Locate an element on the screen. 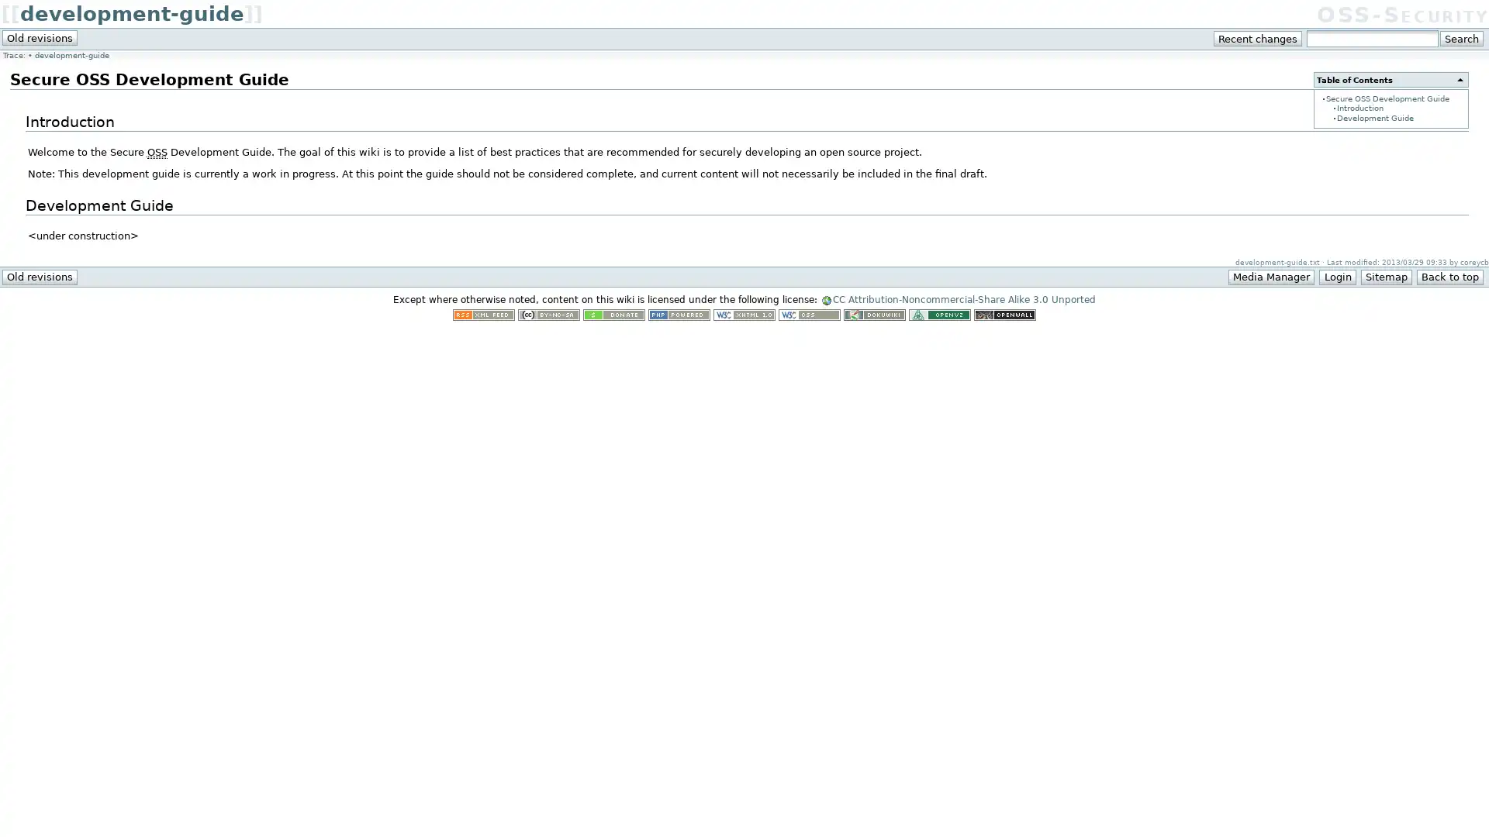 The height and width of the screenshot is (837, 1489). Old revisions is located at coordinates (40, 276).